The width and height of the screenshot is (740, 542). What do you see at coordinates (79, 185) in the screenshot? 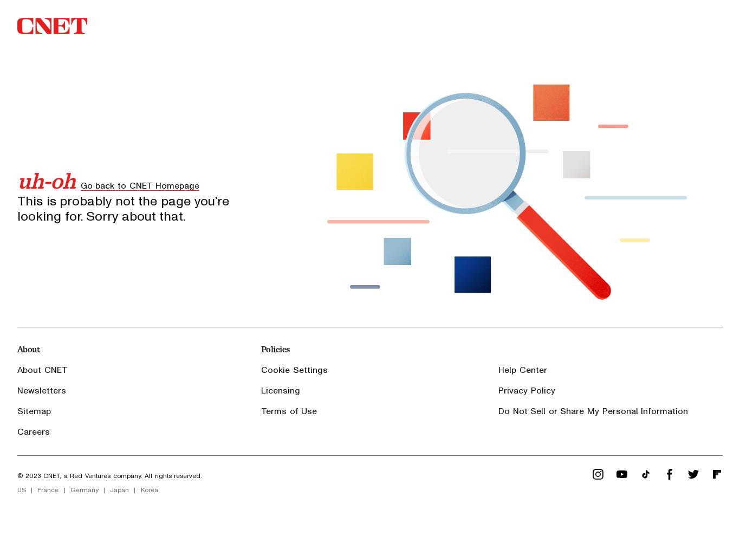
I see `'Go back to CNET Homepage'` at bounding box center [79, 185].